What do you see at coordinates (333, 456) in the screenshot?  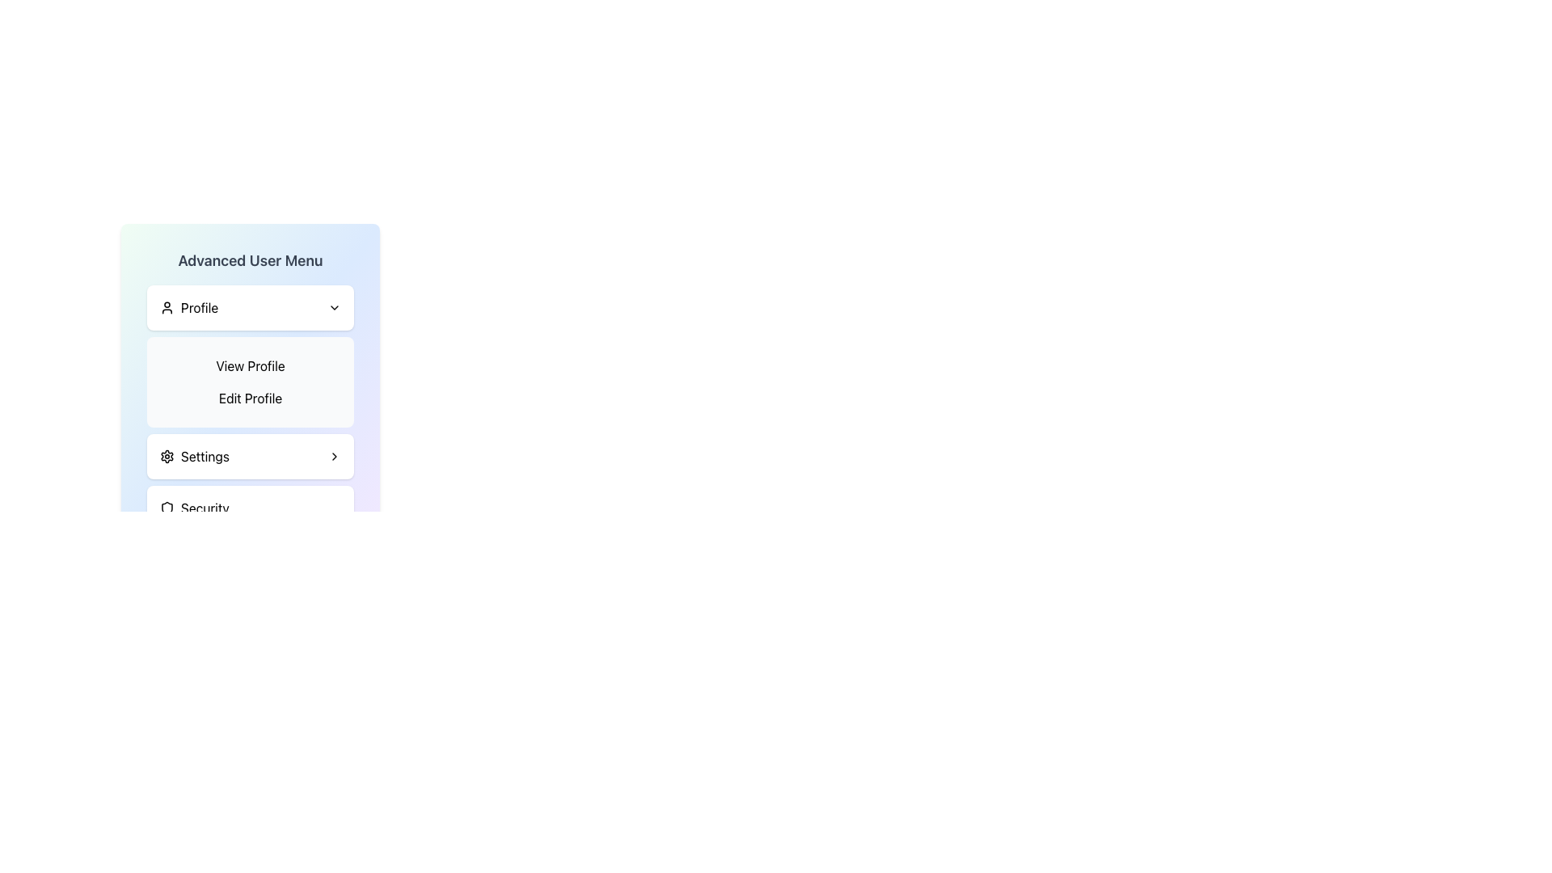 I see `the right-facing chevron icon within the 'Settings' card, positioned at the far right edge, indicating a navigational or expandable action` at bounding box center [333, 456].